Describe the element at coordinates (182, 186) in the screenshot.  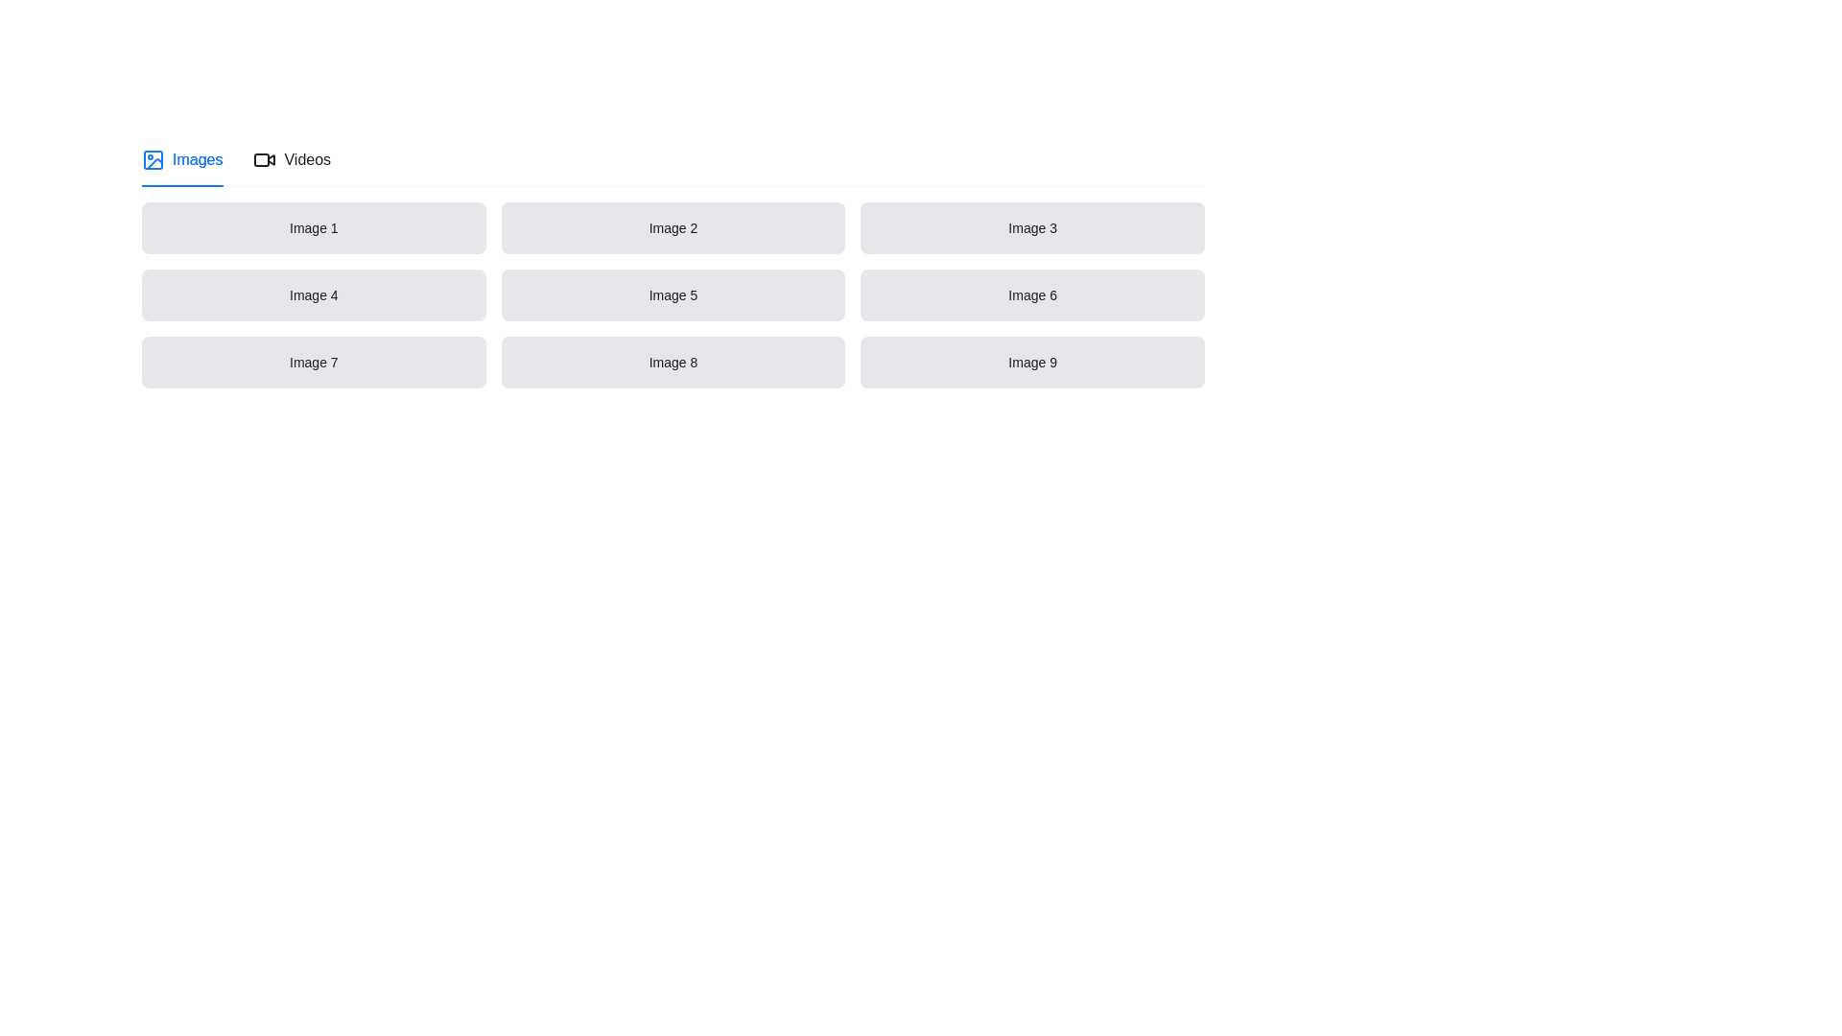
I see `the indicator below the 'Images' tab in the tab navigation bar to understand which tab is currently active` at that location.